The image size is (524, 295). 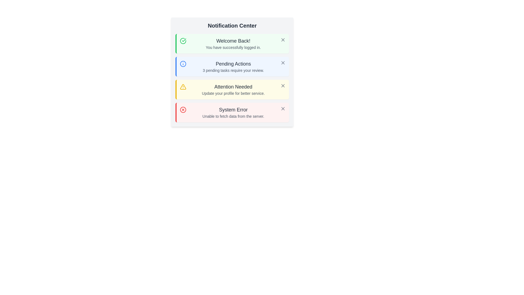 I want to click on the button located in the top-right corner of the 'Pending Actions' notification, so click(x=283, y=63).